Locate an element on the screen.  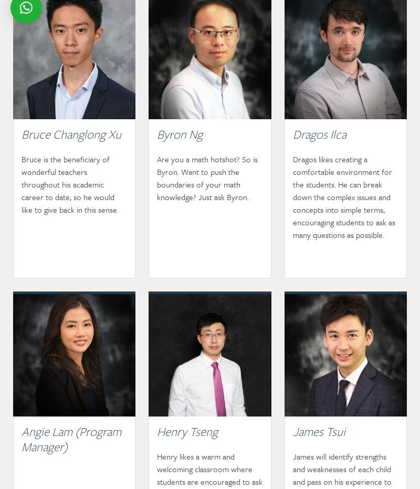
'Bruce is the beneficiary of wonderful teachers throughout his academic career to date, so he would like to give back in this sense.' is located at coordinates (69, 183).